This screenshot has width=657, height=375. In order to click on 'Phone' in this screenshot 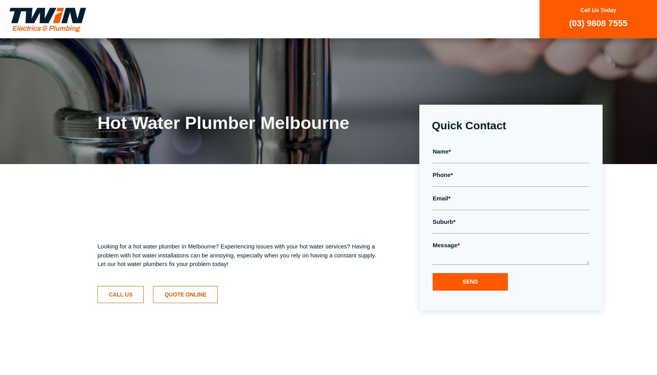, I will do `click(441, 175)`.